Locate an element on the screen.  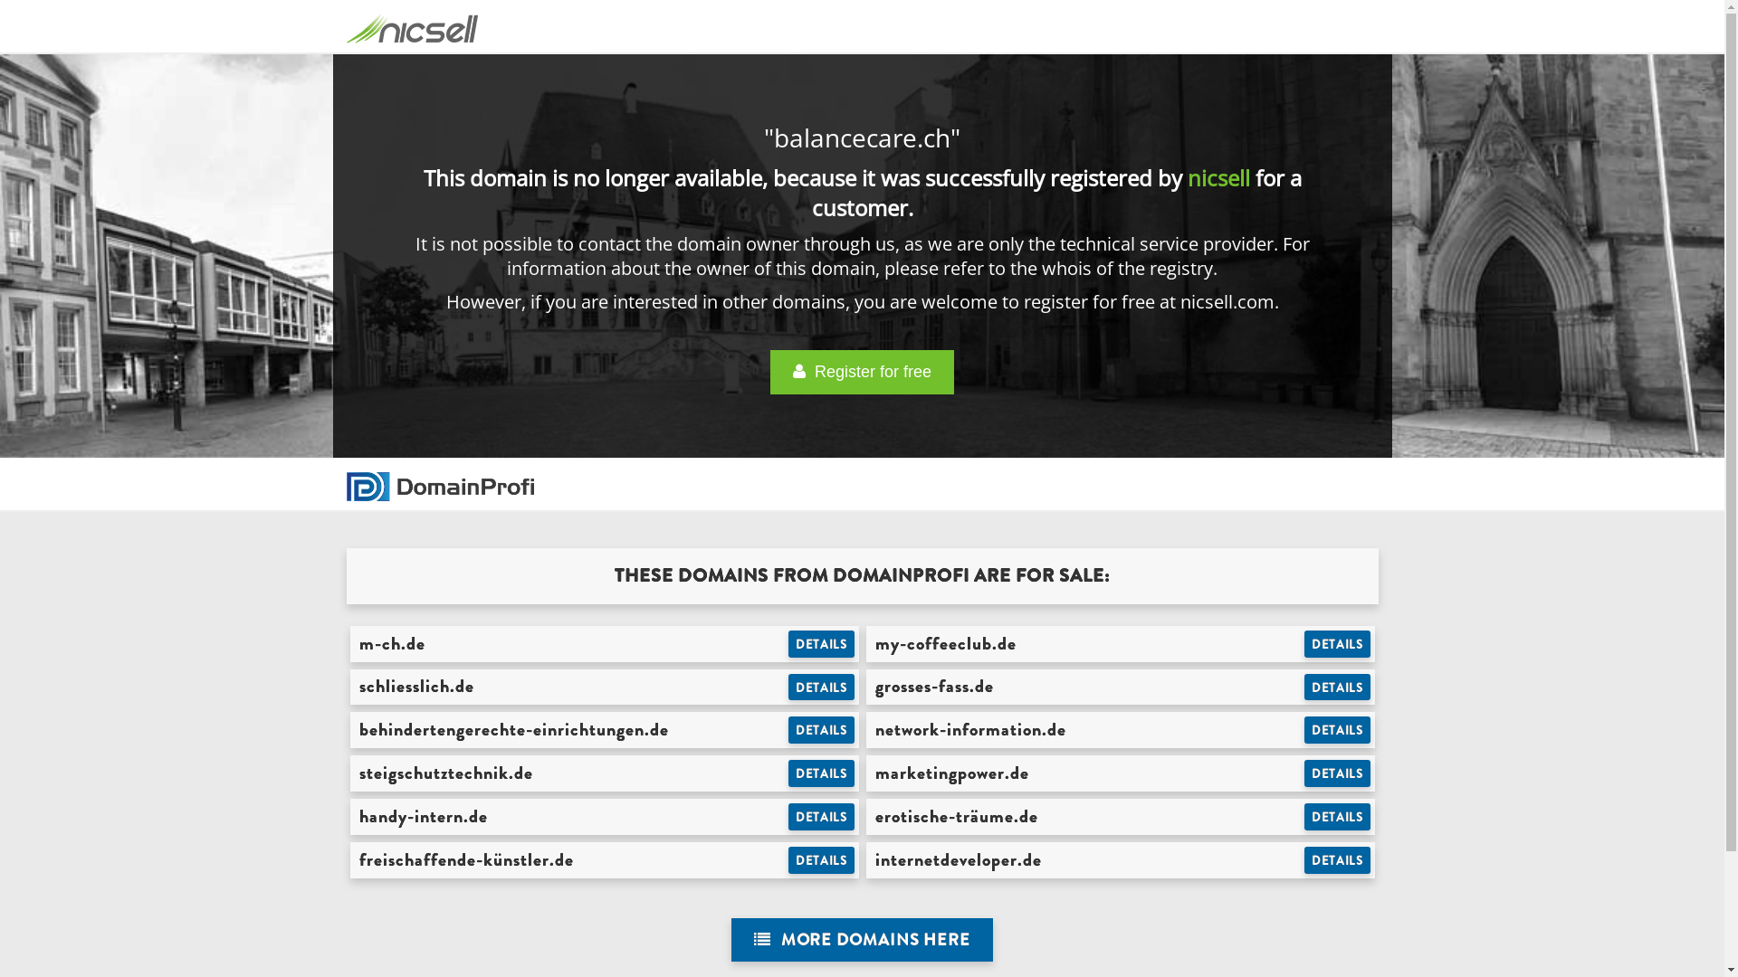
'DETAILS' is located at coordinates (1337, 816).